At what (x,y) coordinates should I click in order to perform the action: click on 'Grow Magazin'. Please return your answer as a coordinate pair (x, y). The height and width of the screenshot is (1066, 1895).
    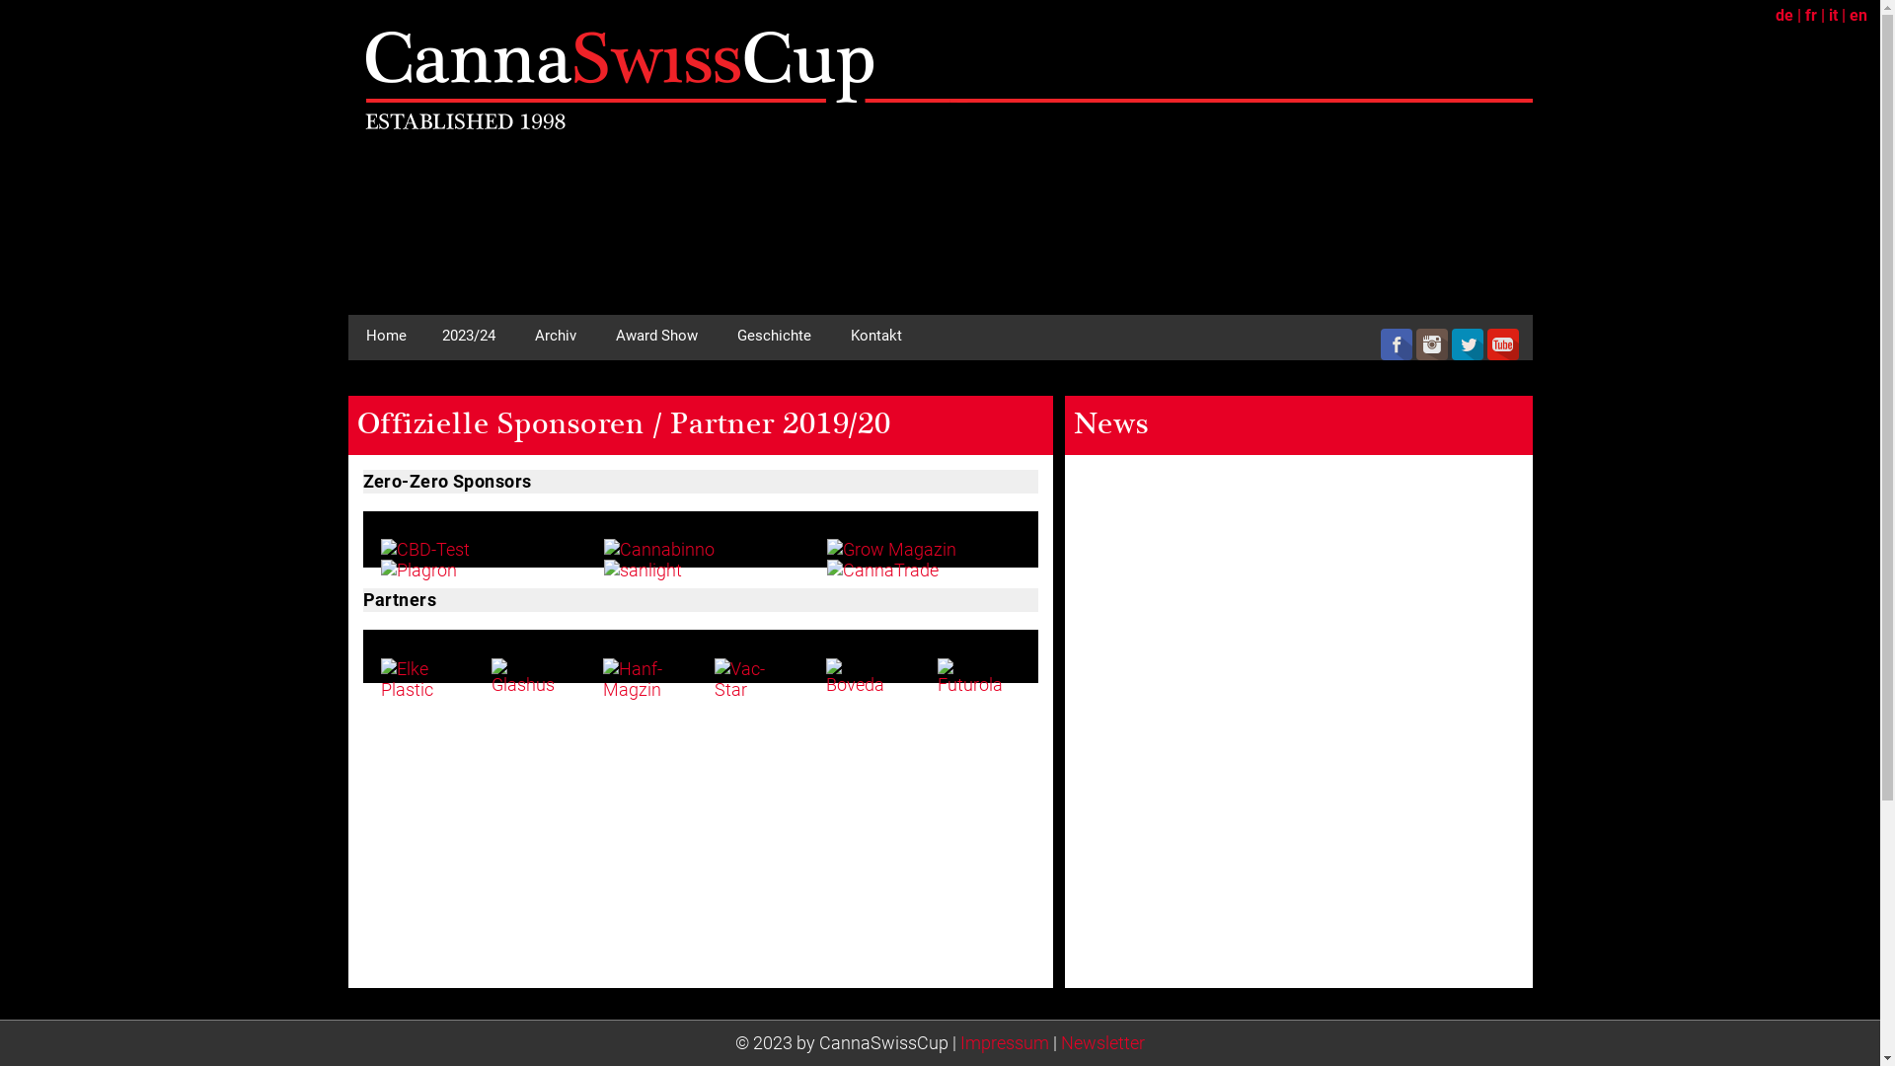
    Looking at the image, I should click on (890, 549).